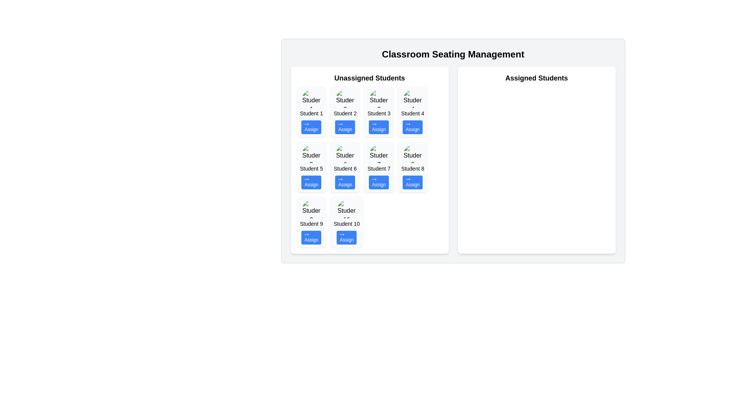  I want to click on the circular profile picture representing 'Student 7', so click(379, 154).